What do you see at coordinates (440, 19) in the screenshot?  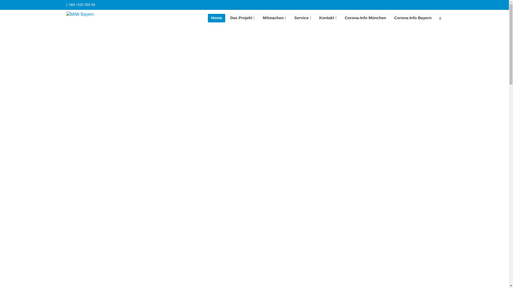 I see `'Search'` at bounding box center [440, 19].